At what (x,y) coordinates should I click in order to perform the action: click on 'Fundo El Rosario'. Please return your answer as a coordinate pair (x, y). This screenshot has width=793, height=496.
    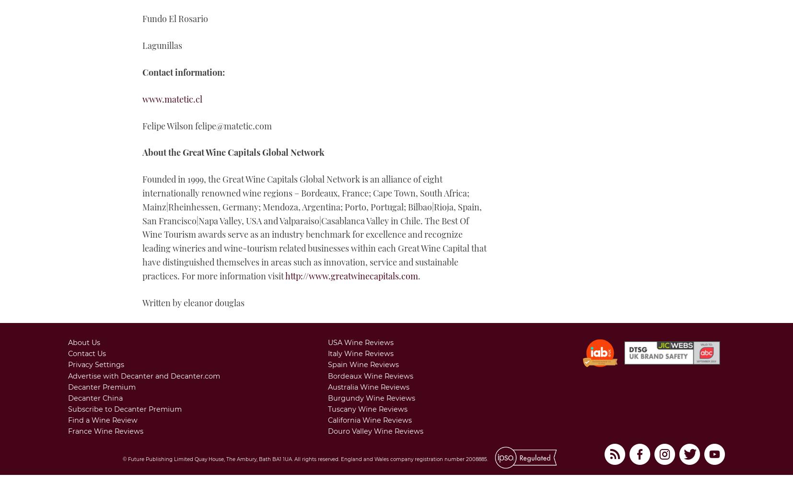
    Looking at the image, I should click on (175, 19).